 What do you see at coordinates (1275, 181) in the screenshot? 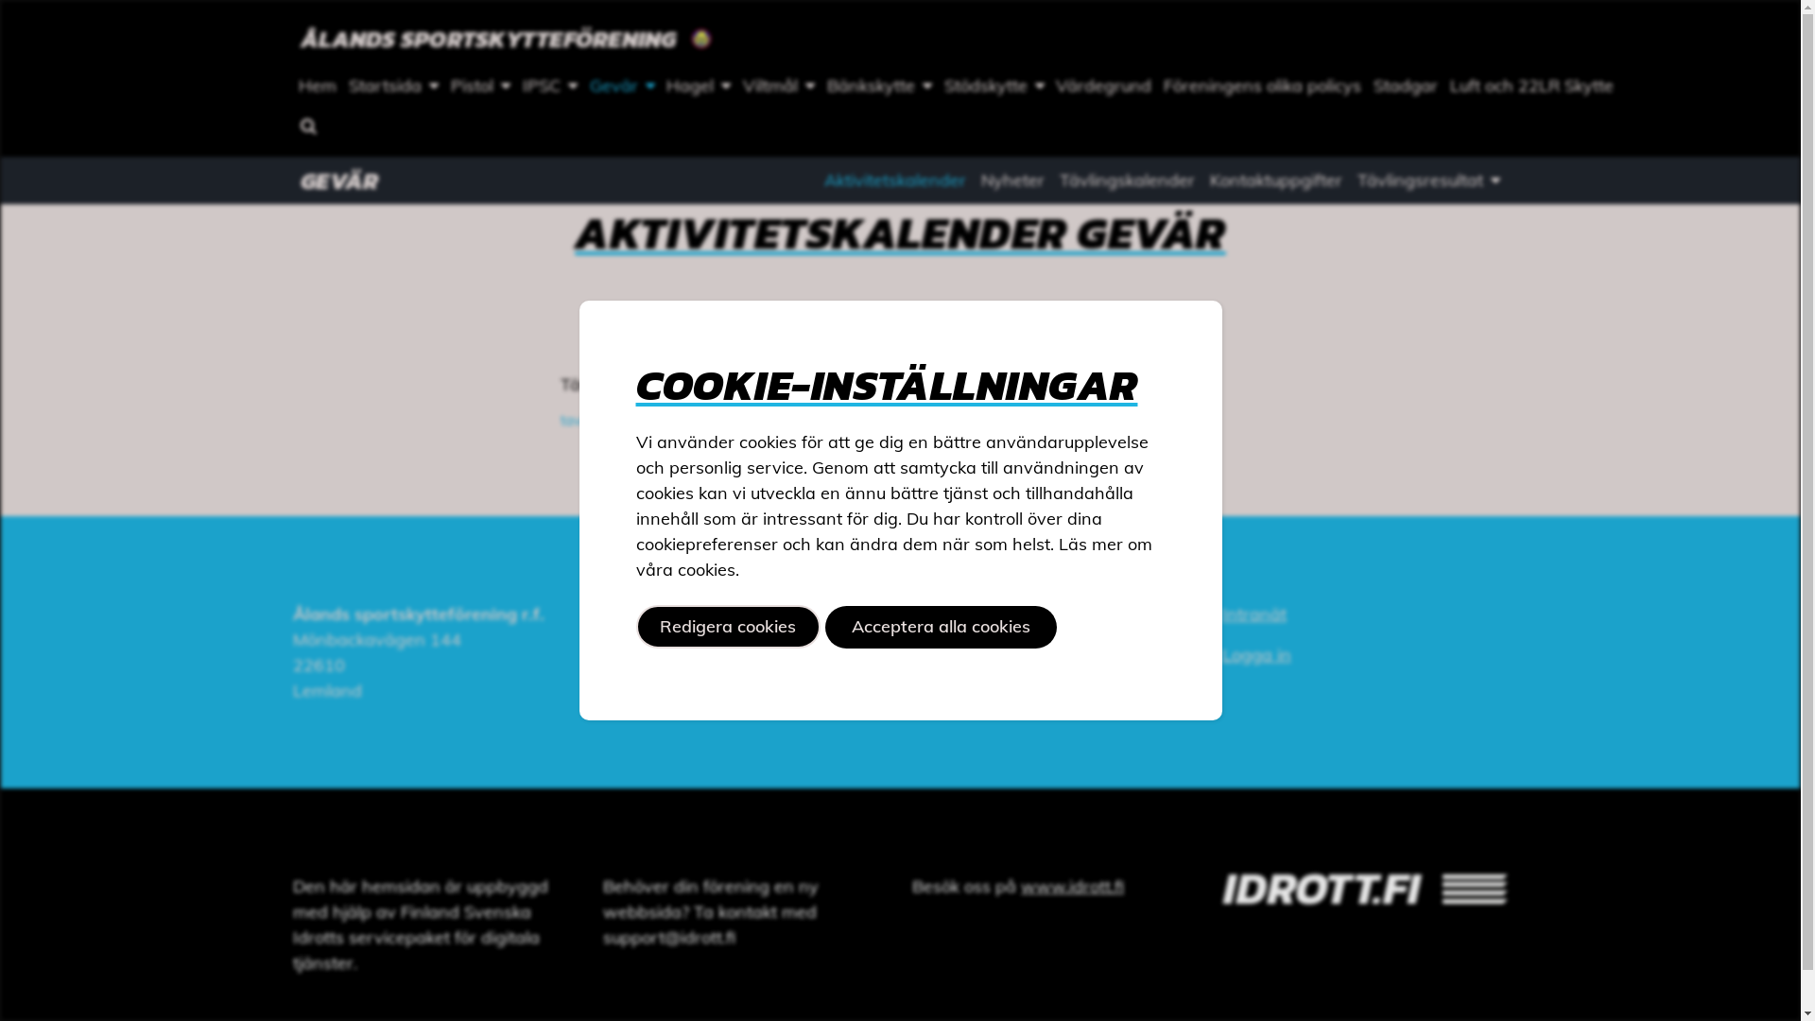
I see `'Kontaktuppgifter'` at bounding box center [1275, 181].